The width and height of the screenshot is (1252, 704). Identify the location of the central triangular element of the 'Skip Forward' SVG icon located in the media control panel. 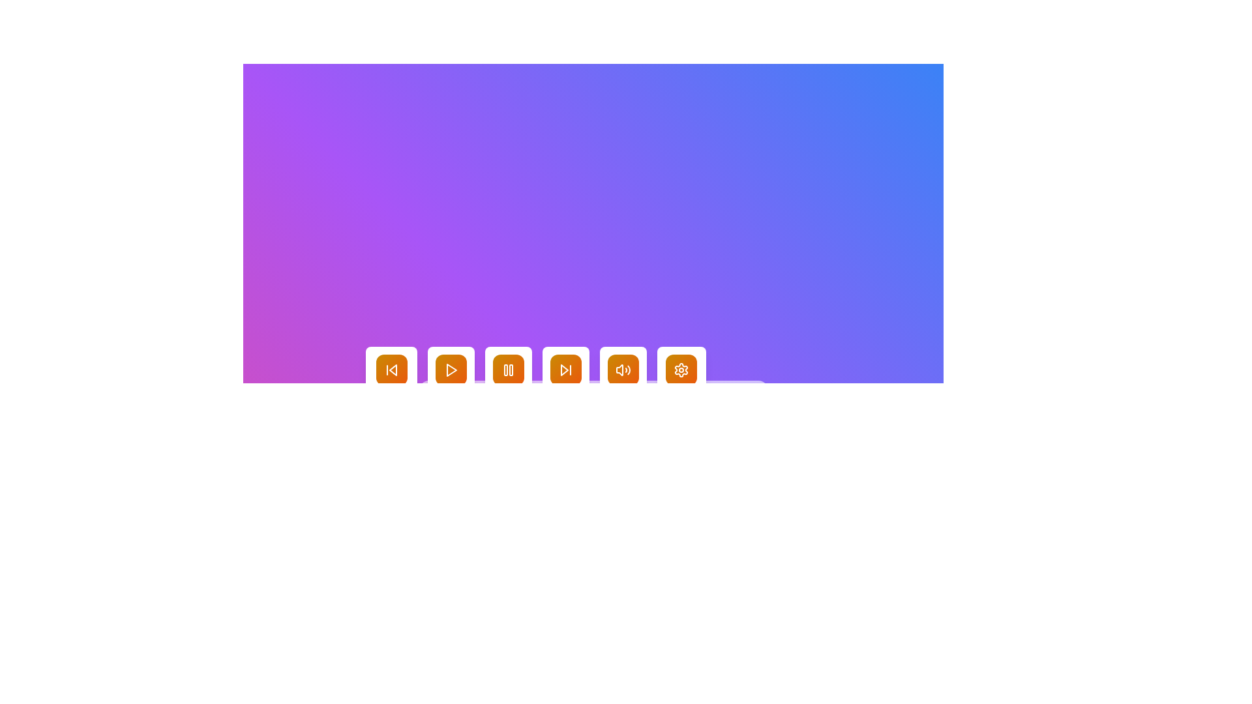
(564, 370).